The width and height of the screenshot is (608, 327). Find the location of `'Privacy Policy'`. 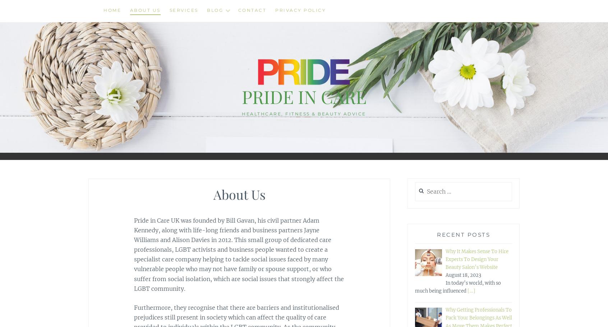

'Privacy Policy' is located at coordinates (300, 10).